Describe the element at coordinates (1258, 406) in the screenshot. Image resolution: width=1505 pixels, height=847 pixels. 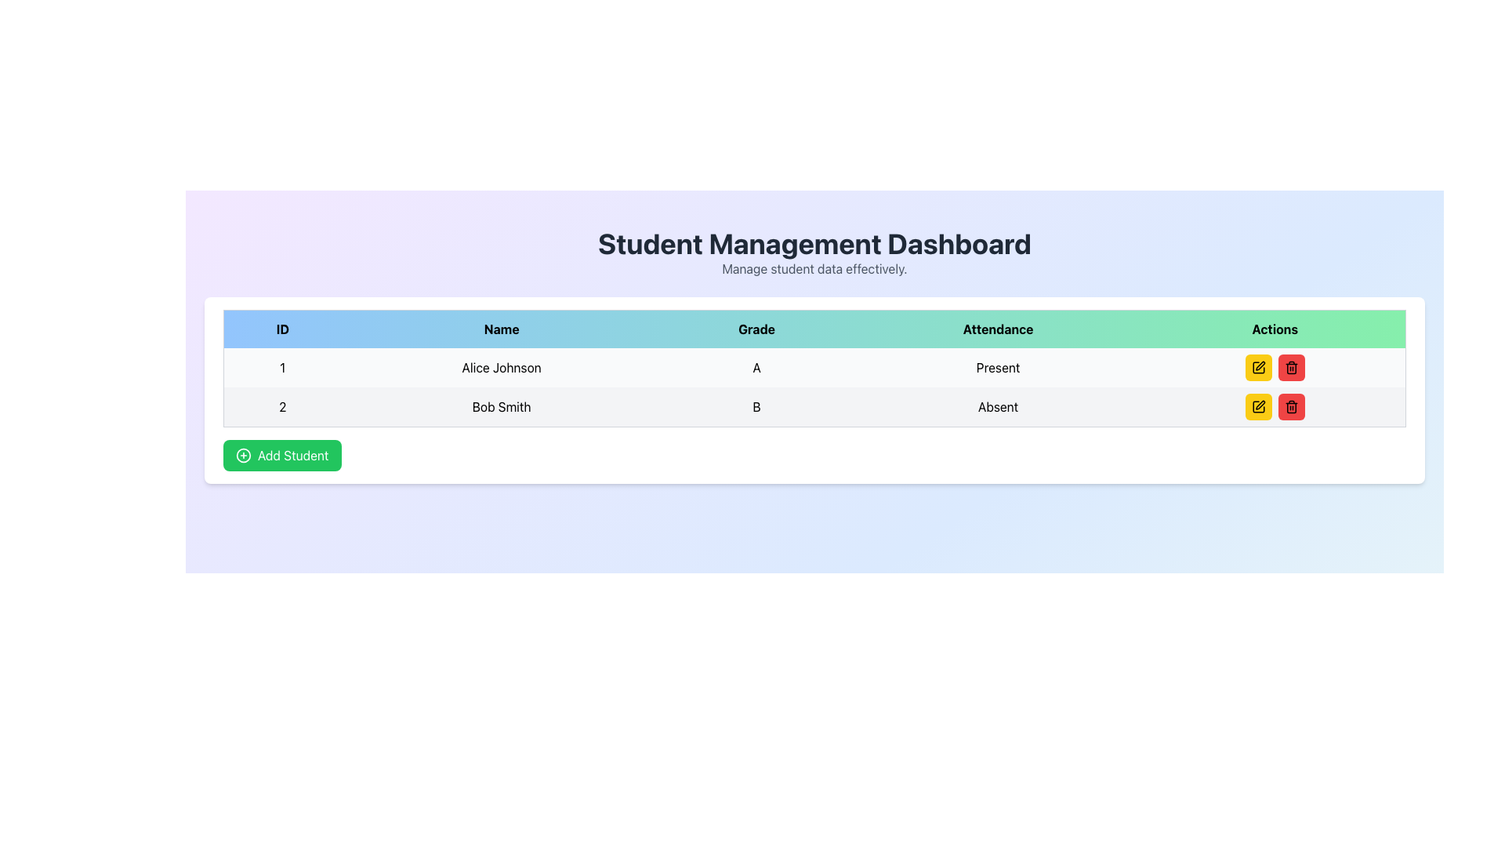
I see `the square-shaped icon resembling a document with a pen overlay, located under the 'Actions' header in the 'Bob Smith' row of the table` at that location.